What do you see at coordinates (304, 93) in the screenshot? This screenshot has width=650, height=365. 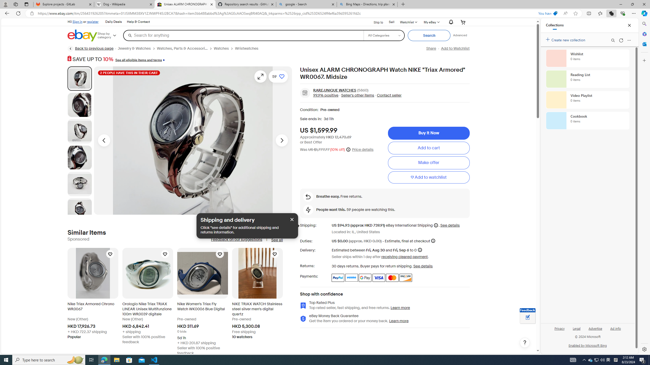 I see `'Class: ux-action'` at bounding box center [304, 93].